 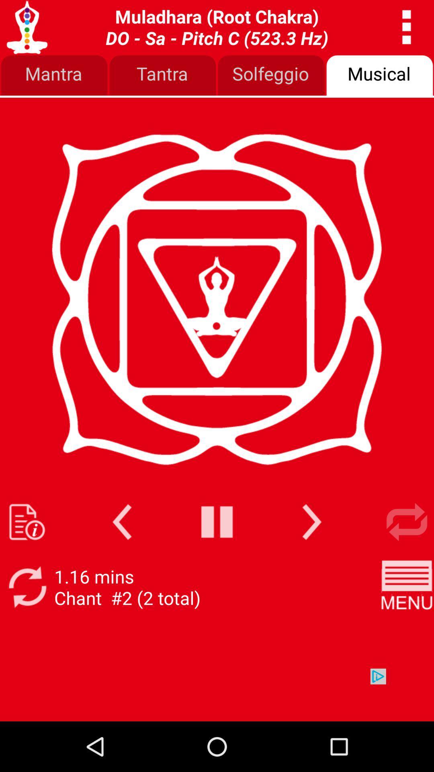 I want to click on item above mantra icon, so click(x=217, y=27).